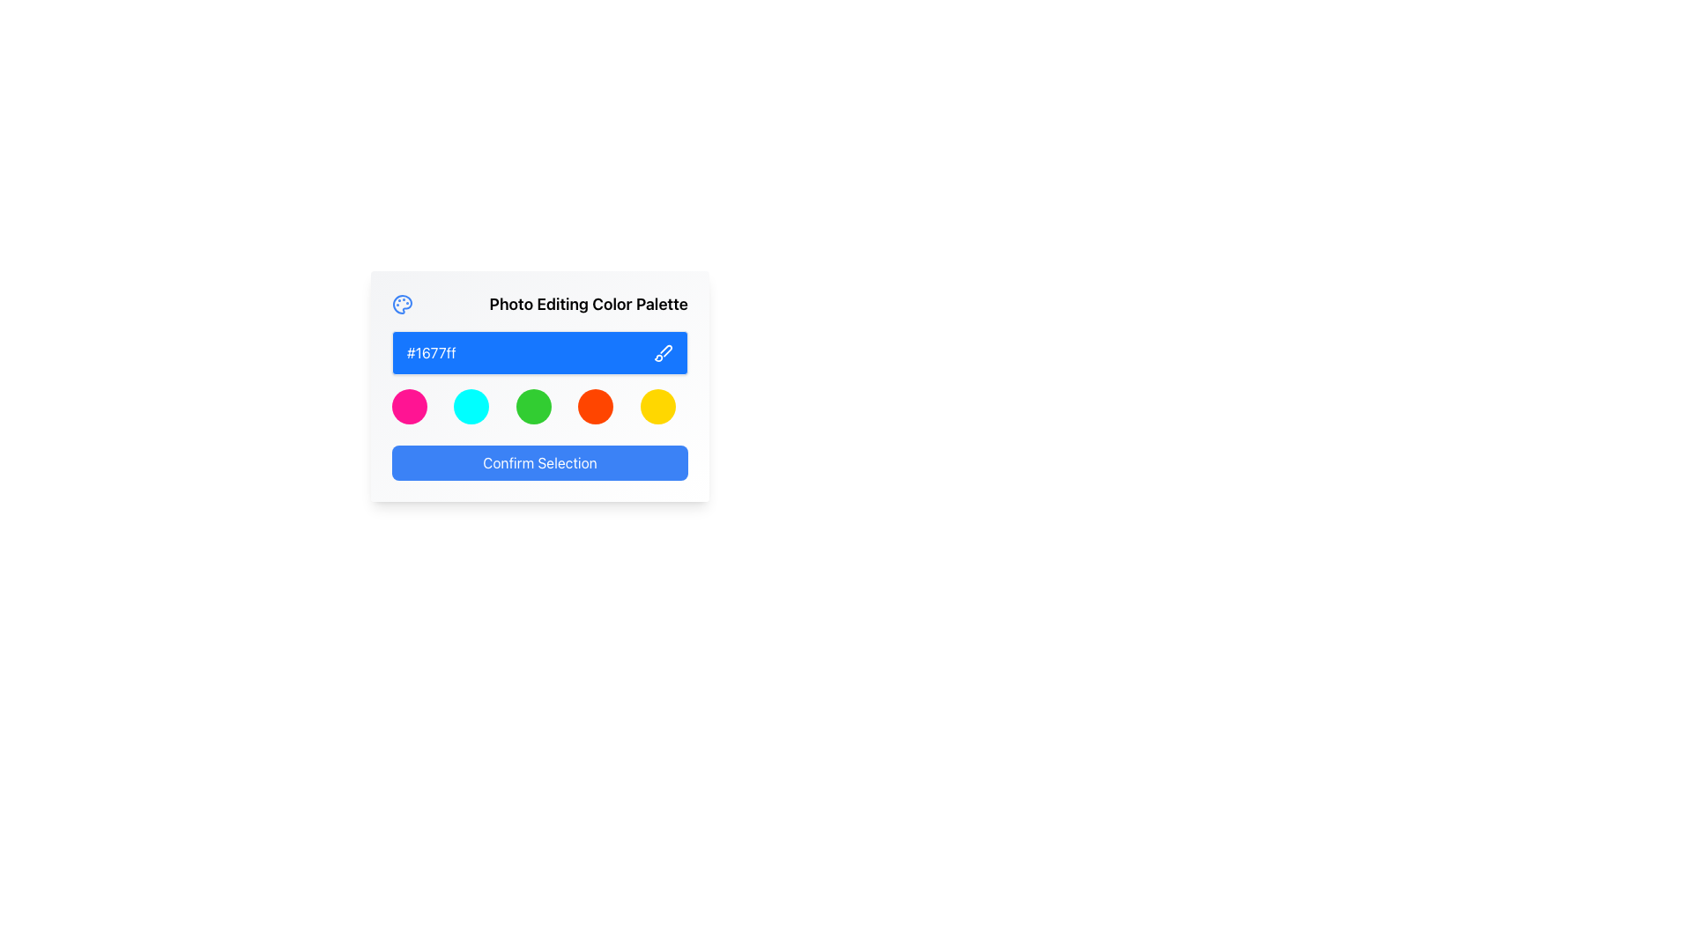 This screenshot has height=951, width=1692. Describe the element at coordinates (409, 407) in the screenshot. I see `the first circular color button in the grid, which is bright pink` at that location.